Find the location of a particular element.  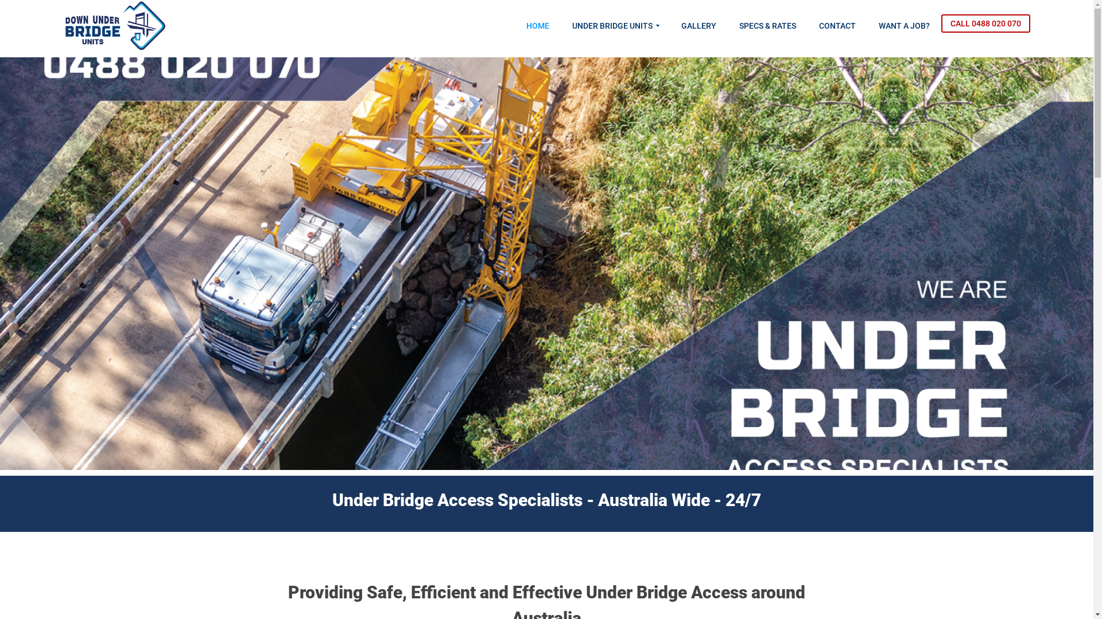

'HOME' is located at coordinates (537, 26).